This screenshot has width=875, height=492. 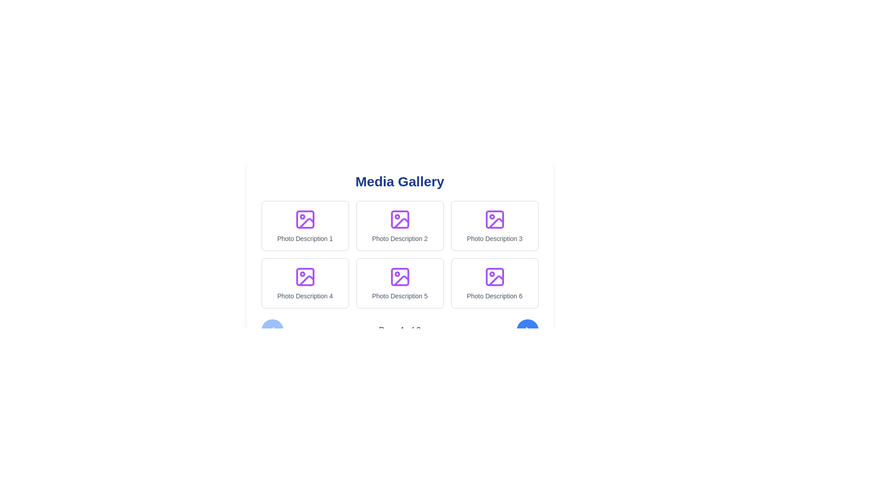 I want to click on the blue circular button with an embedded chevron icon located at the bottom-right corner of the interface, so click(x=527, y=330).